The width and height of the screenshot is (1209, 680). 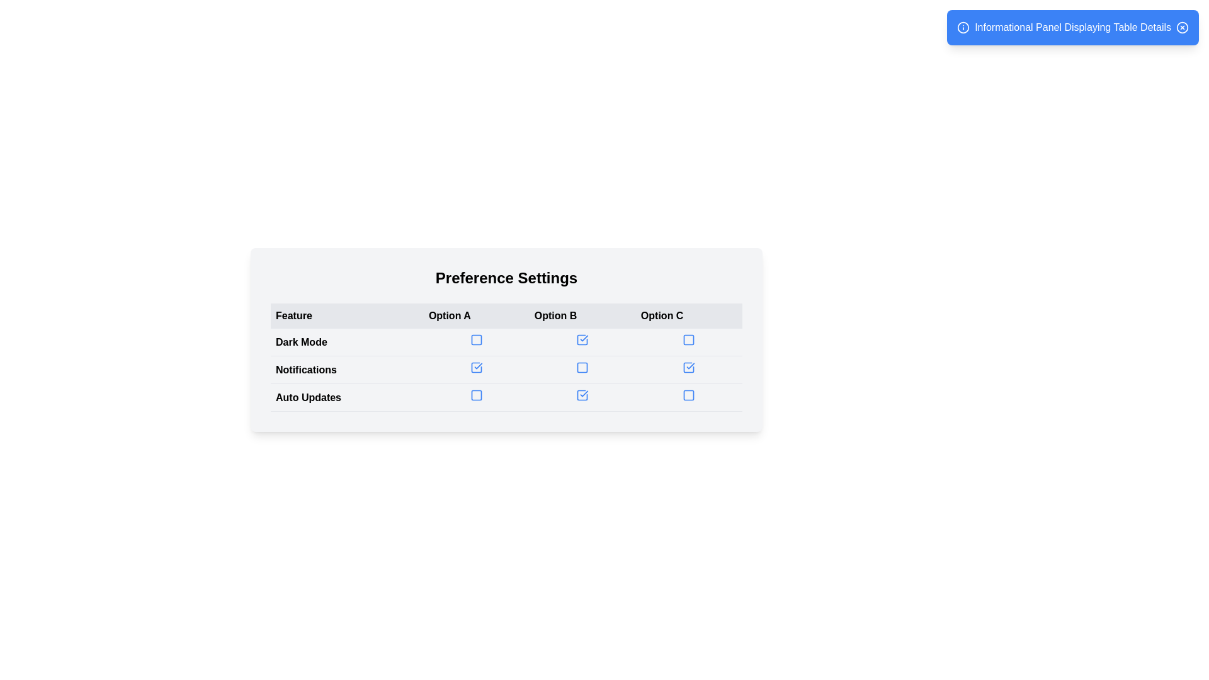 What do you see at coordinates (475, 342) in the screenshot?
I see `the checkbox with a blue outline and checkmark in the 'Option A' column of the 'Dark Mode' row under 'Preference Settings'` at bounding box center [475, 342].